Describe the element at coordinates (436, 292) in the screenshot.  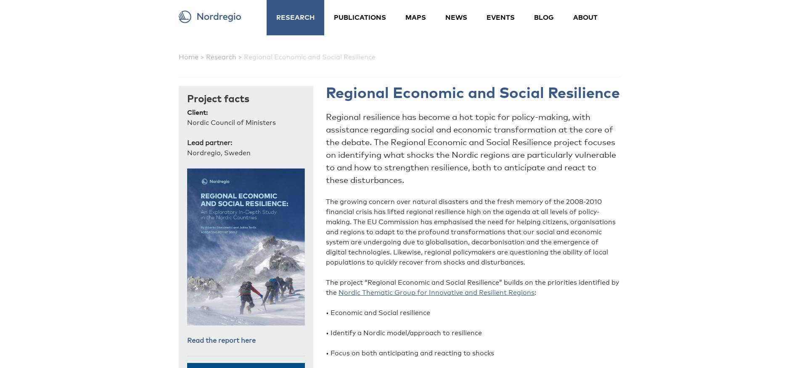
I see `'Nordic Thematic Group for Innovative and Resilient Regions'` at that location.